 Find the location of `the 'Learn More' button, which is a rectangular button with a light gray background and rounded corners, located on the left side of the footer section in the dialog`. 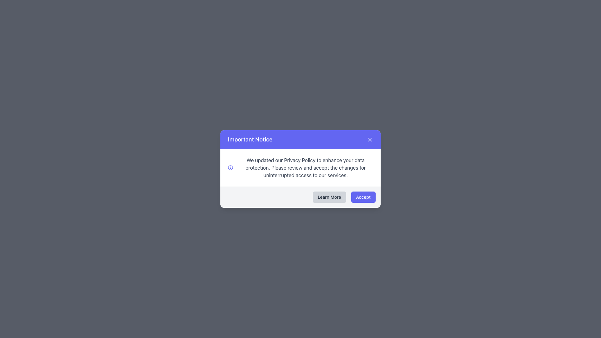

the 'Learn More' button, which is a rectangular button with a light gray background and rounded corners, located on the left side of the footer section in the dialog is located at coordinates (329, 197).